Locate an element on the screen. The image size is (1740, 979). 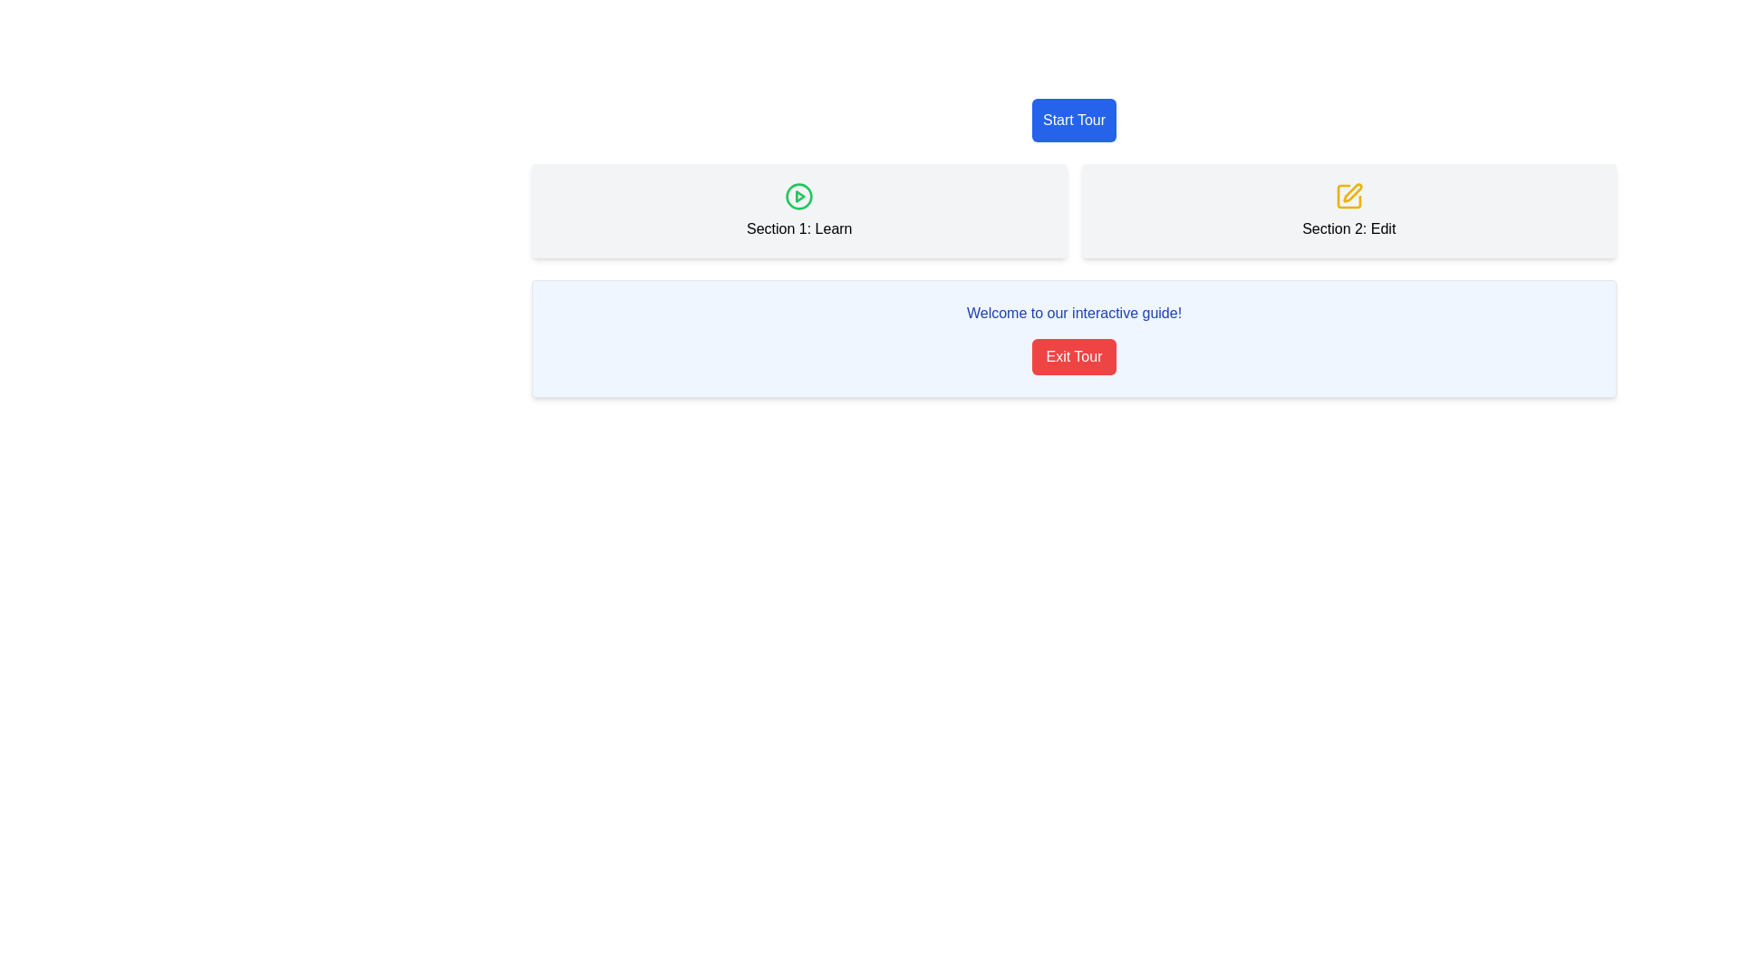
the static text label indicating 'Section 1: Learn', which is positioned directly underneath a green play icon in the leftmost section of two horizontally aligned sections is located at coordinates (798, 228).